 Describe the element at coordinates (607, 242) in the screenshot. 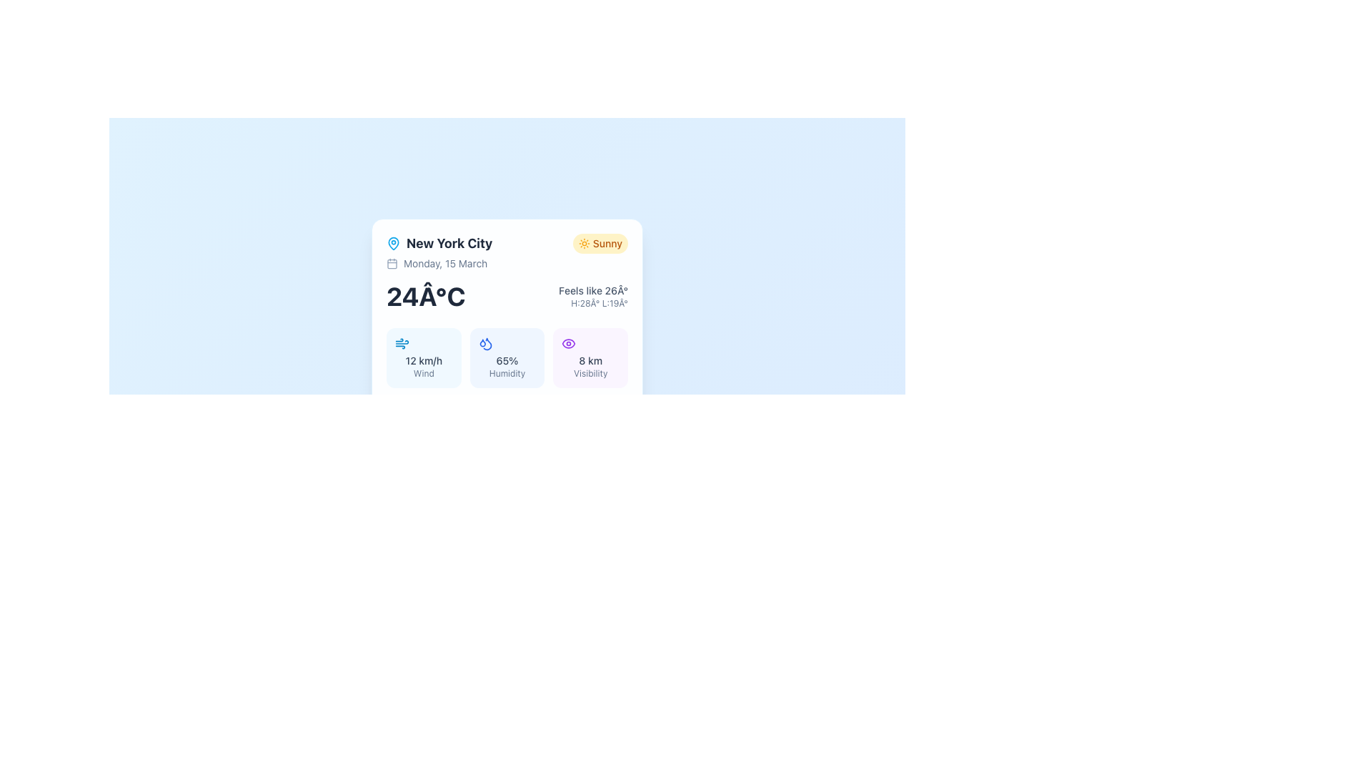

I see `the text label displaying 'Sunny' located within a rounded amber badge in the upper-right corner of the weather information card` at that location.